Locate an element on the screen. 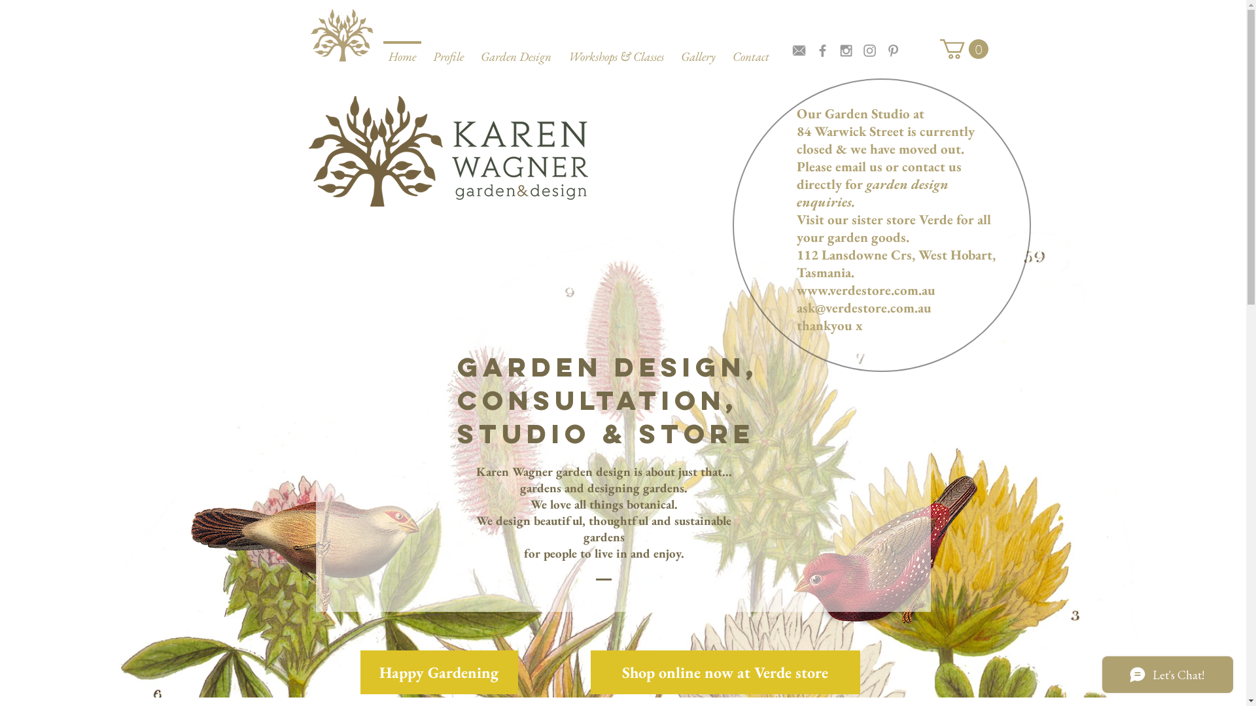 The image size is (1256, 706). 'Happy Gardening' is located at coordinates (438, 672).